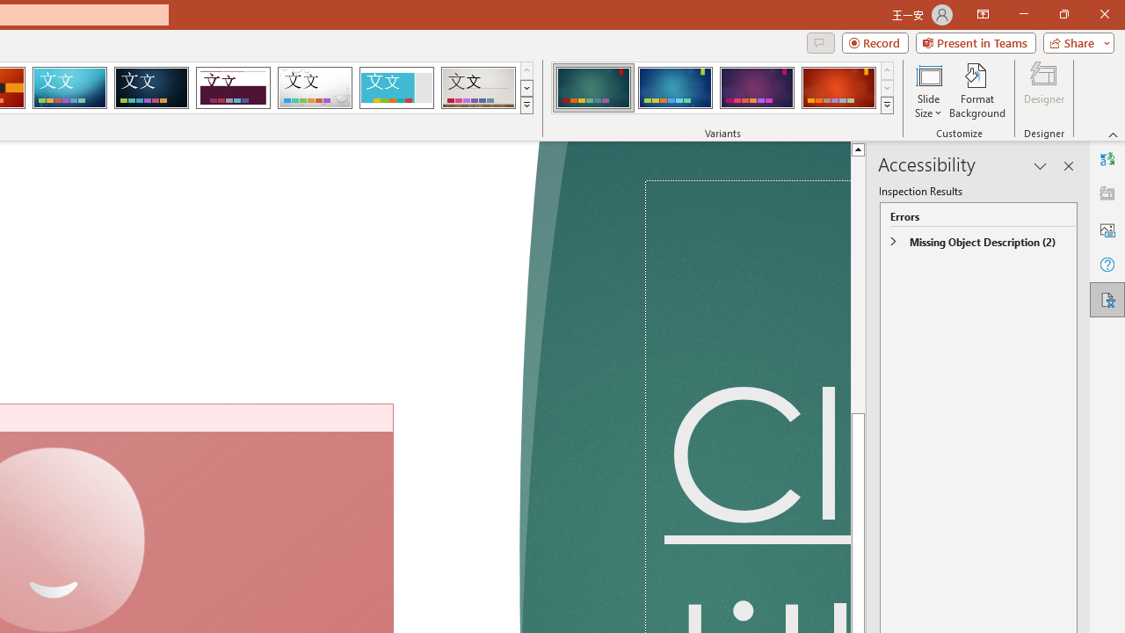  Describe the element at coordinates (593, 88) in the screenshot. I see `'Ion Variant 1'` at that location.